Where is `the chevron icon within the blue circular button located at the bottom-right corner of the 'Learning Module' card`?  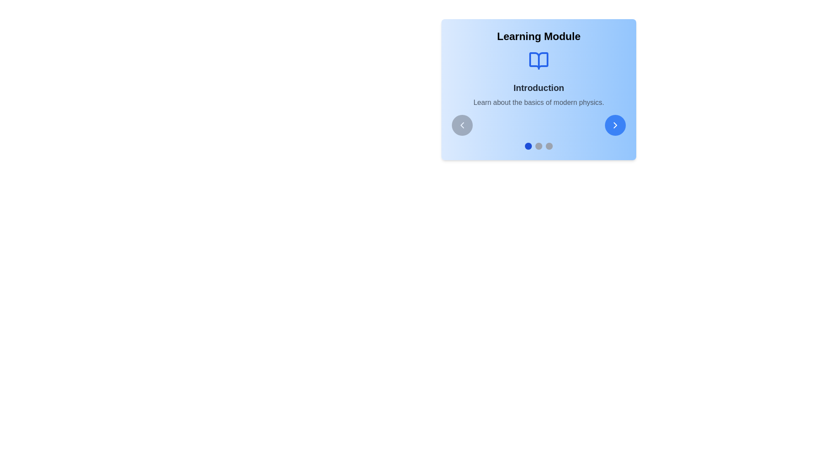
the chevron icon within the blue circular button located at the bottom-right corner of the 'Learning Module' card is located at coordinates (615, 125).